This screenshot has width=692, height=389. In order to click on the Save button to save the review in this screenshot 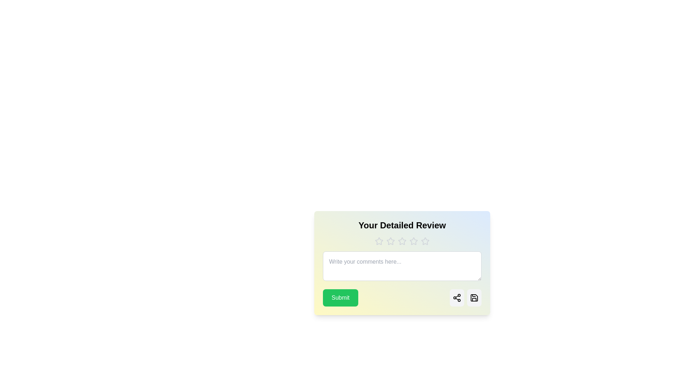, I will do `click(474, 298)`.